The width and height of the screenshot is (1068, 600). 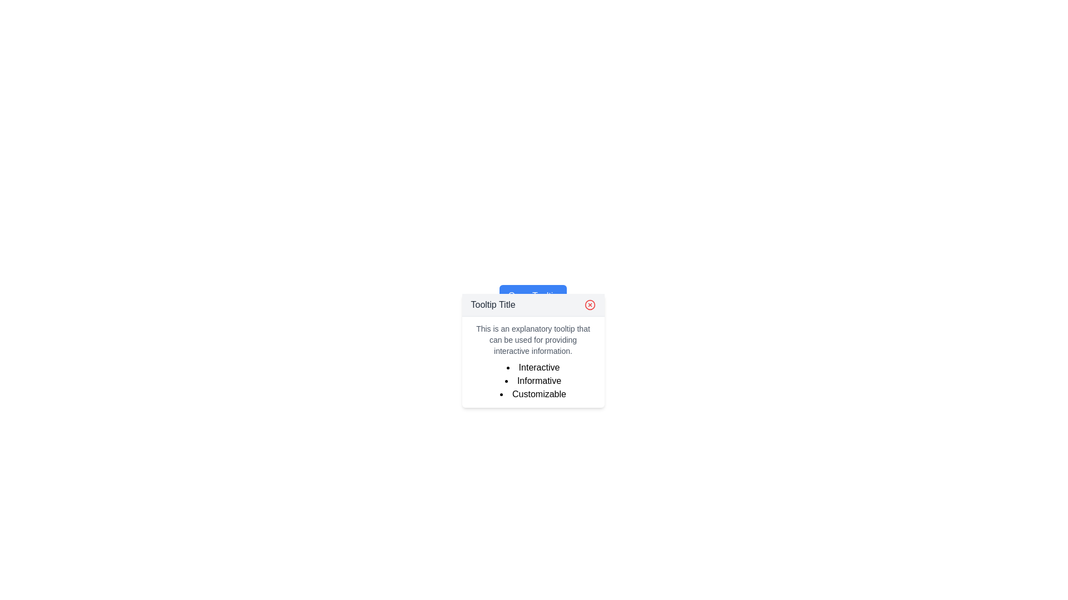 What do you see at coordinates (532, 393) in the screenshot?
I see `the third item in the bulleted list of the tooltip, which serves as a textual descriptor indicating a feature or characteristic` at bounding box center [532, 393].